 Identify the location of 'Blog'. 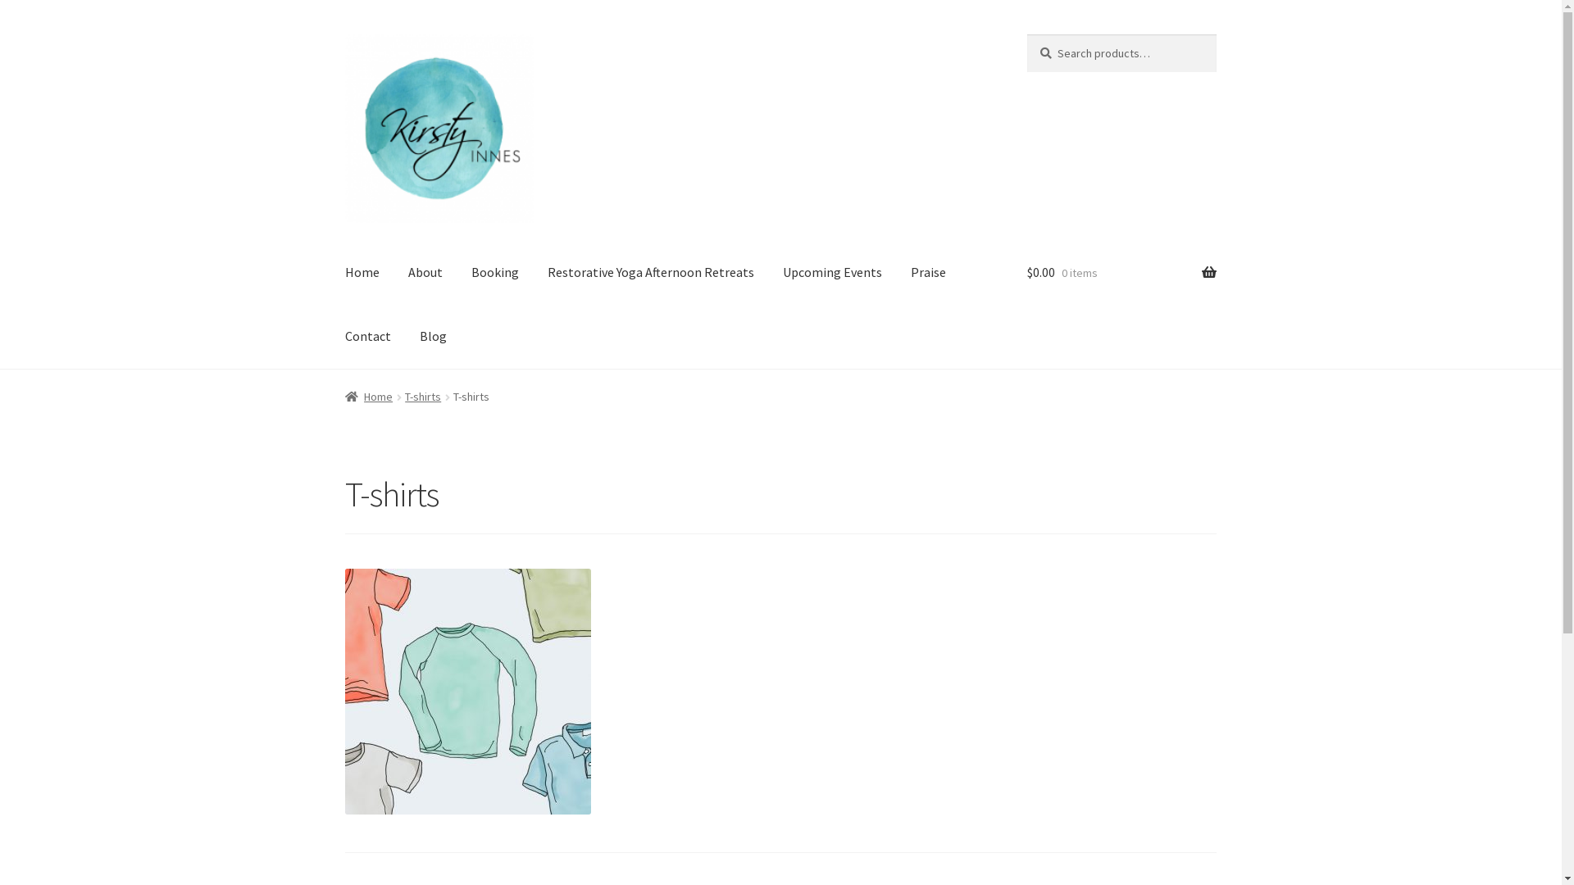
(433, 336).